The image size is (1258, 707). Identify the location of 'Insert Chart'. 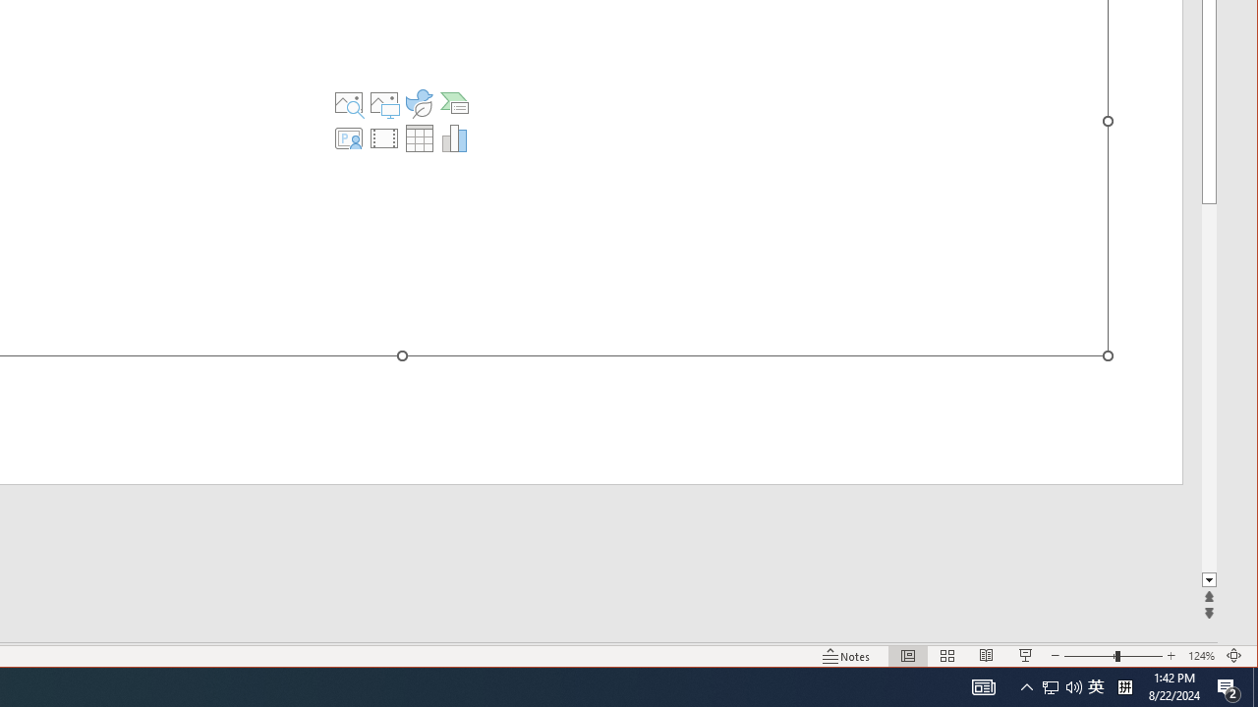
(453, 137).